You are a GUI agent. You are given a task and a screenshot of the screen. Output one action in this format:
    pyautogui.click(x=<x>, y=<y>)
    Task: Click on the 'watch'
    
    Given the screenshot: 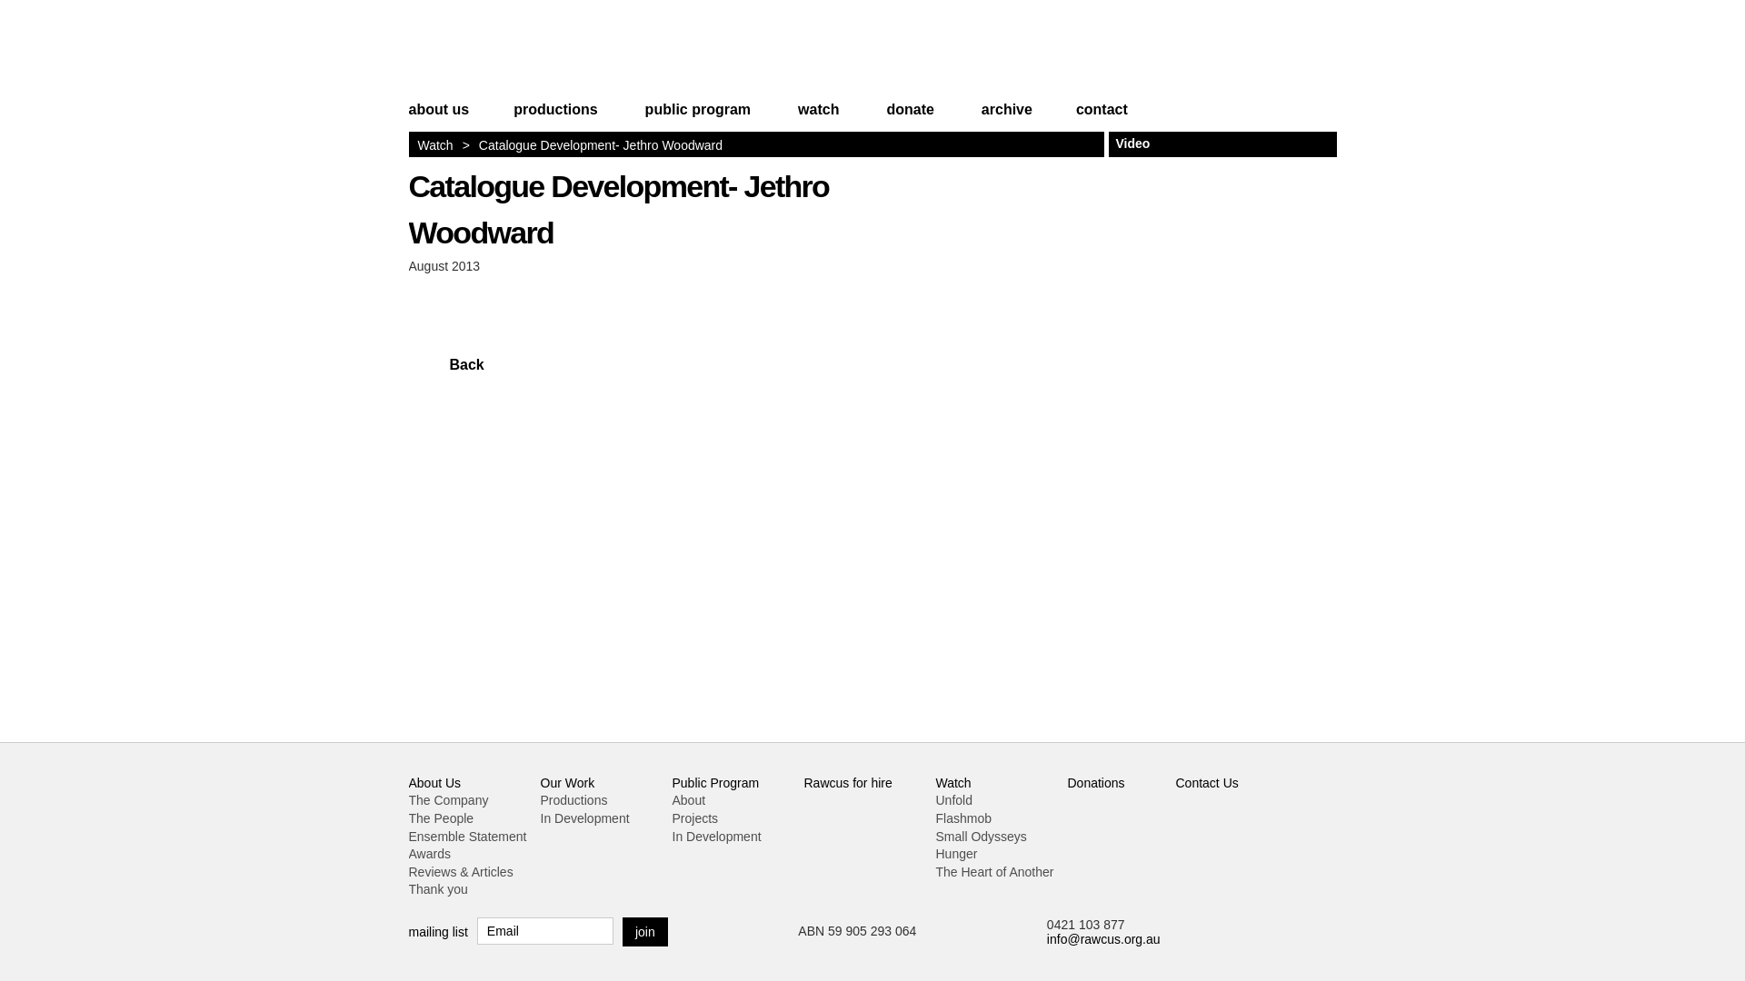 What is the action you would take?
    pyautogui.click(x=817, y=117)
    